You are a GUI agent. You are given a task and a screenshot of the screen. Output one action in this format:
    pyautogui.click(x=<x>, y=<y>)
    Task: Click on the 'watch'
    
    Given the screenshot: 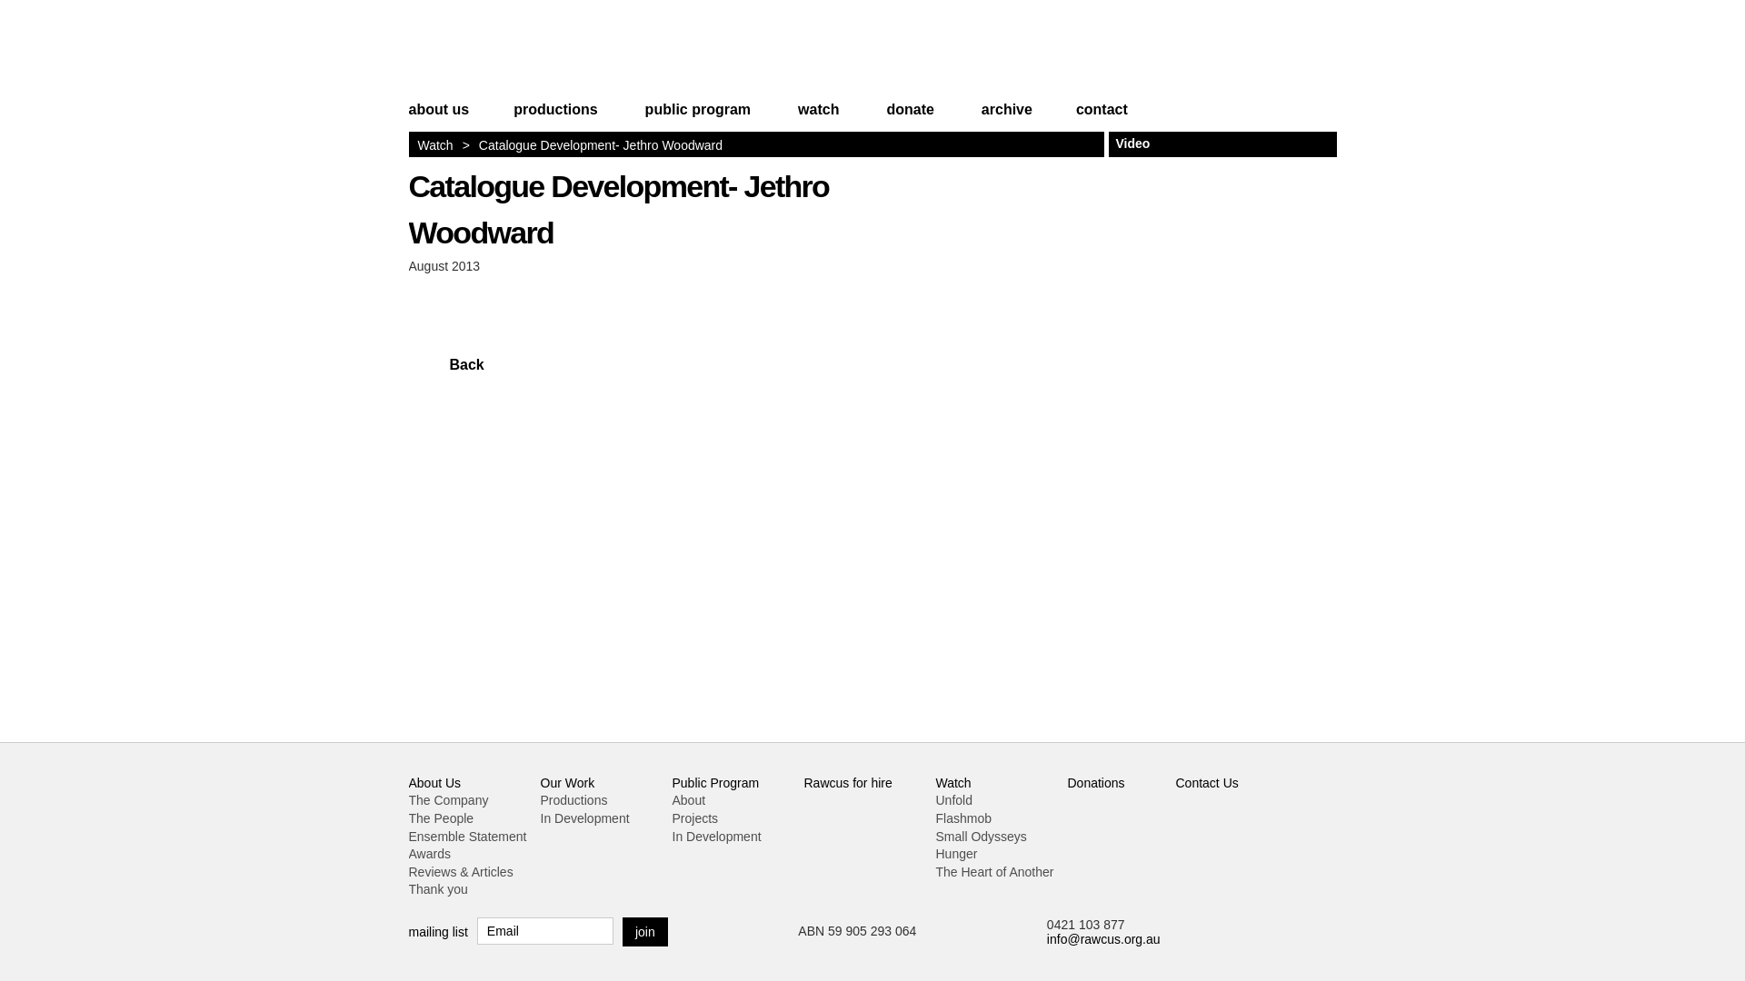 What is the action you would take?
    pyautogui.click(x=817, y=117)
    